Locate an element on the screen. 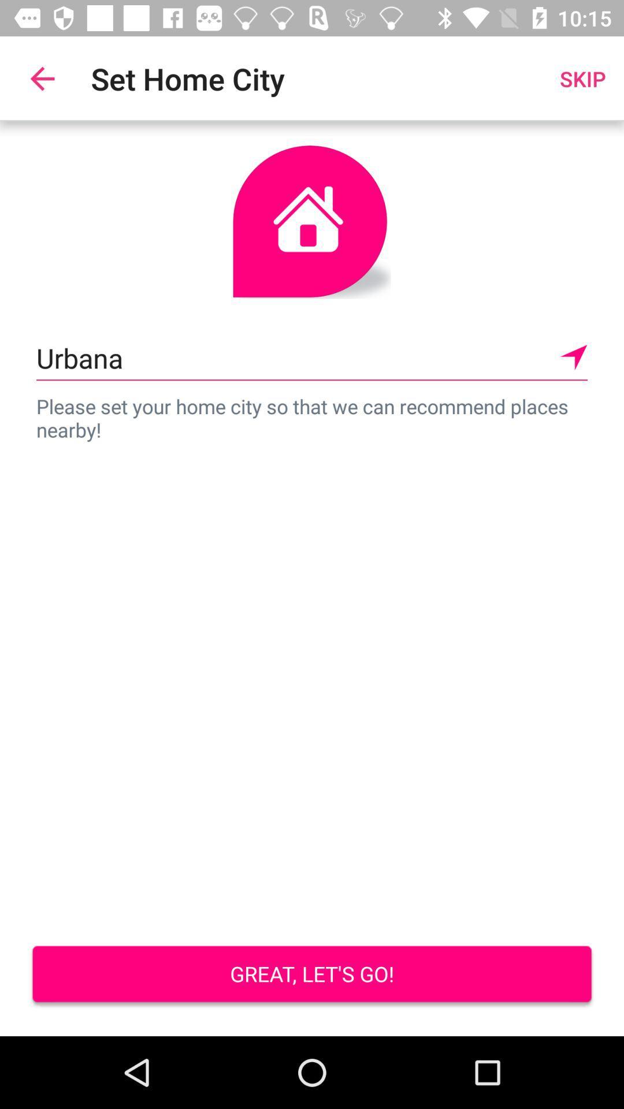 The height and width of the screenshot is (1109, 624). icon above please set your is located at coordinates (312, 357).